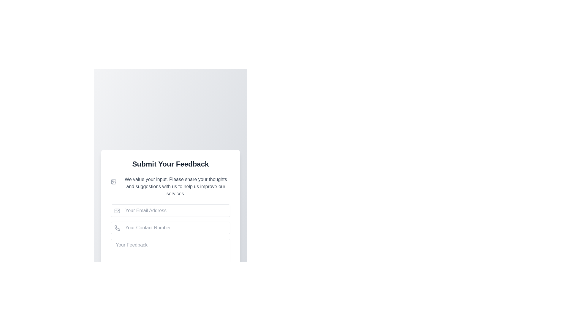 The height and width of the screenshot is (320, 570). I want to click on the introductory text block for the feedback form, located below the 'Submit Your Feedback' header and above the input fields, which encourages users to share their feedback, so click(170, 186).